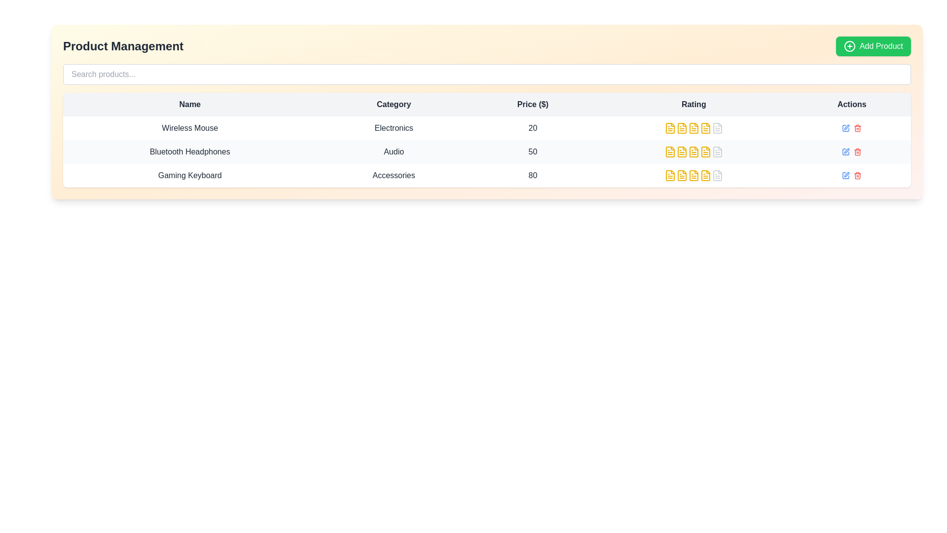  Describe the element at coordinates (693, 127) in the screenshot. I see `the document icon located in the second row under the 'Rating' column of the table to interact with the document it represents` at that location.